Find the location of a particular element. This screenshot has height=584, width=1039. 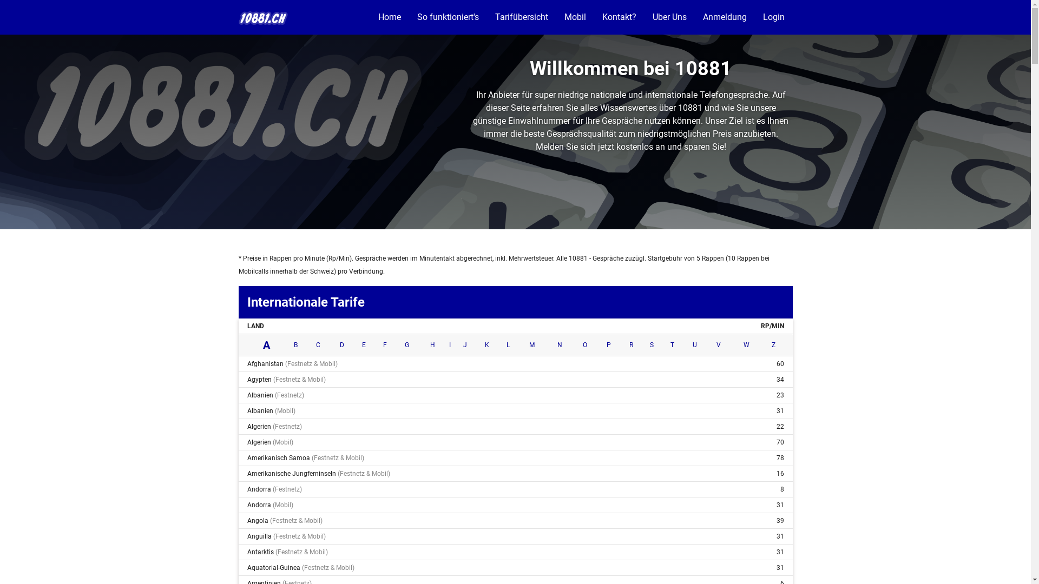

'J' is located at coordinates (465, 344).